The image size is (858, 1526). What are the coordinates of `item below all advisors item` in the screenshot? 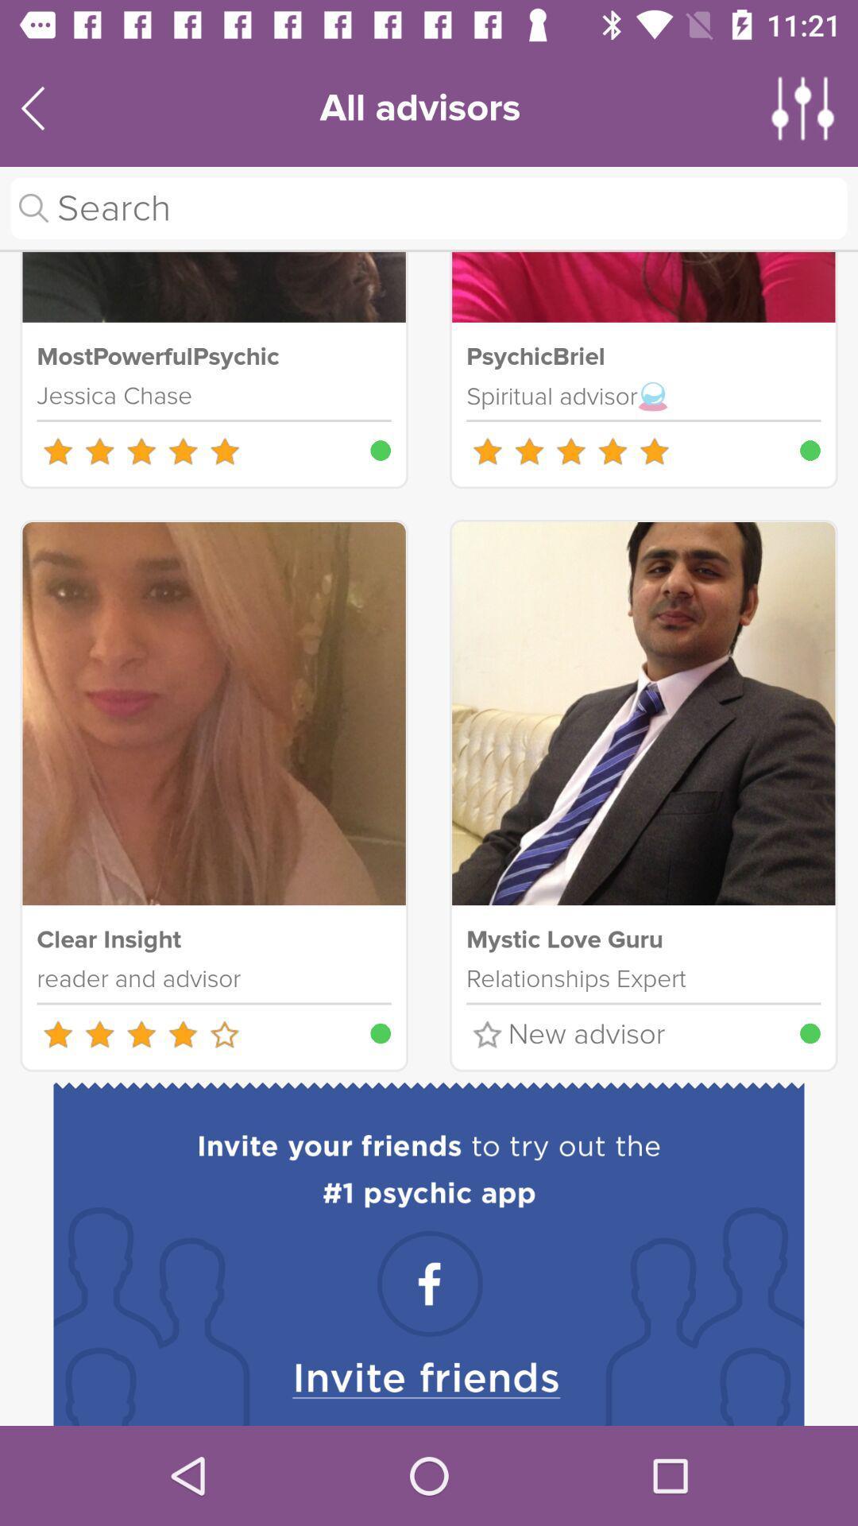 It's located at (429, 207).